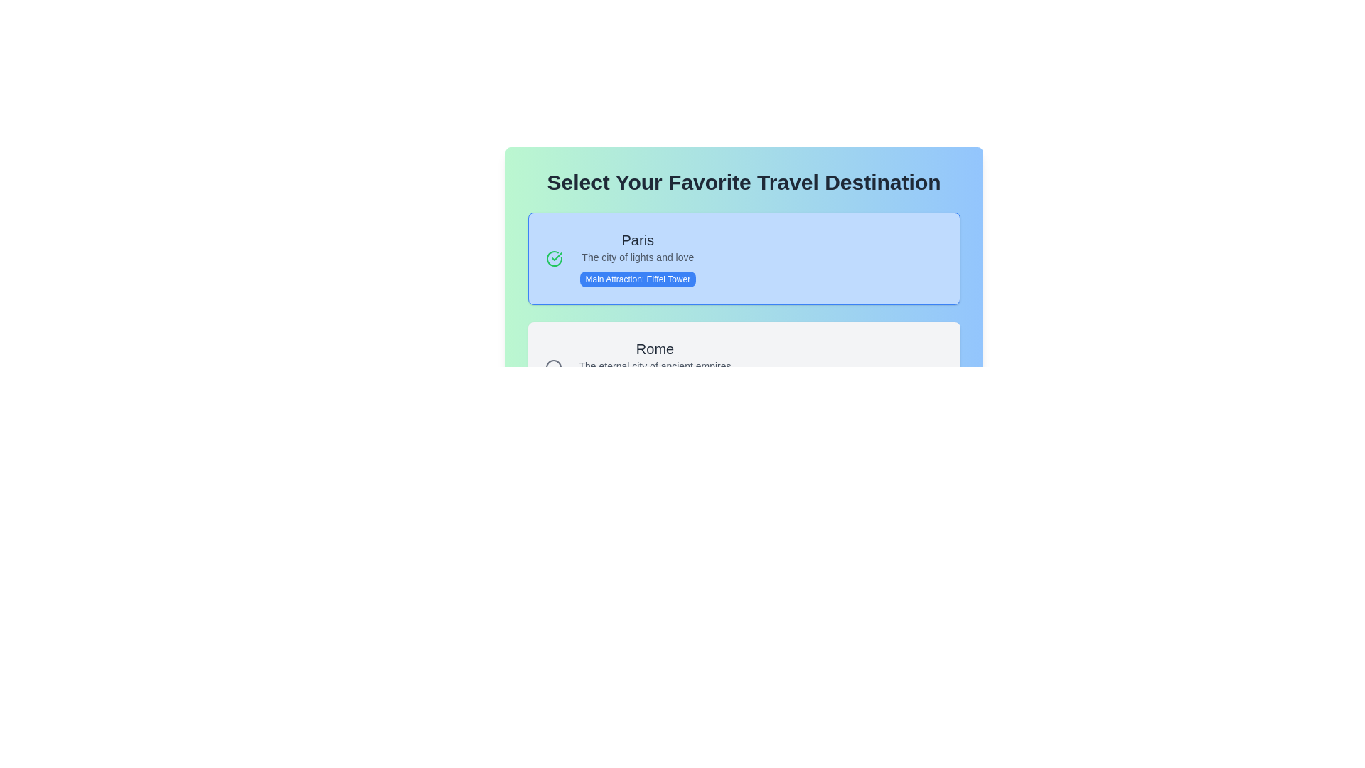  Describe the element at coordinates (552, 366) in the screenshot. I see `the SVG-based circular graphic associated with the option labeled 'Rome', which is positioned beside the text 'Rome' on the left margin` at that location.